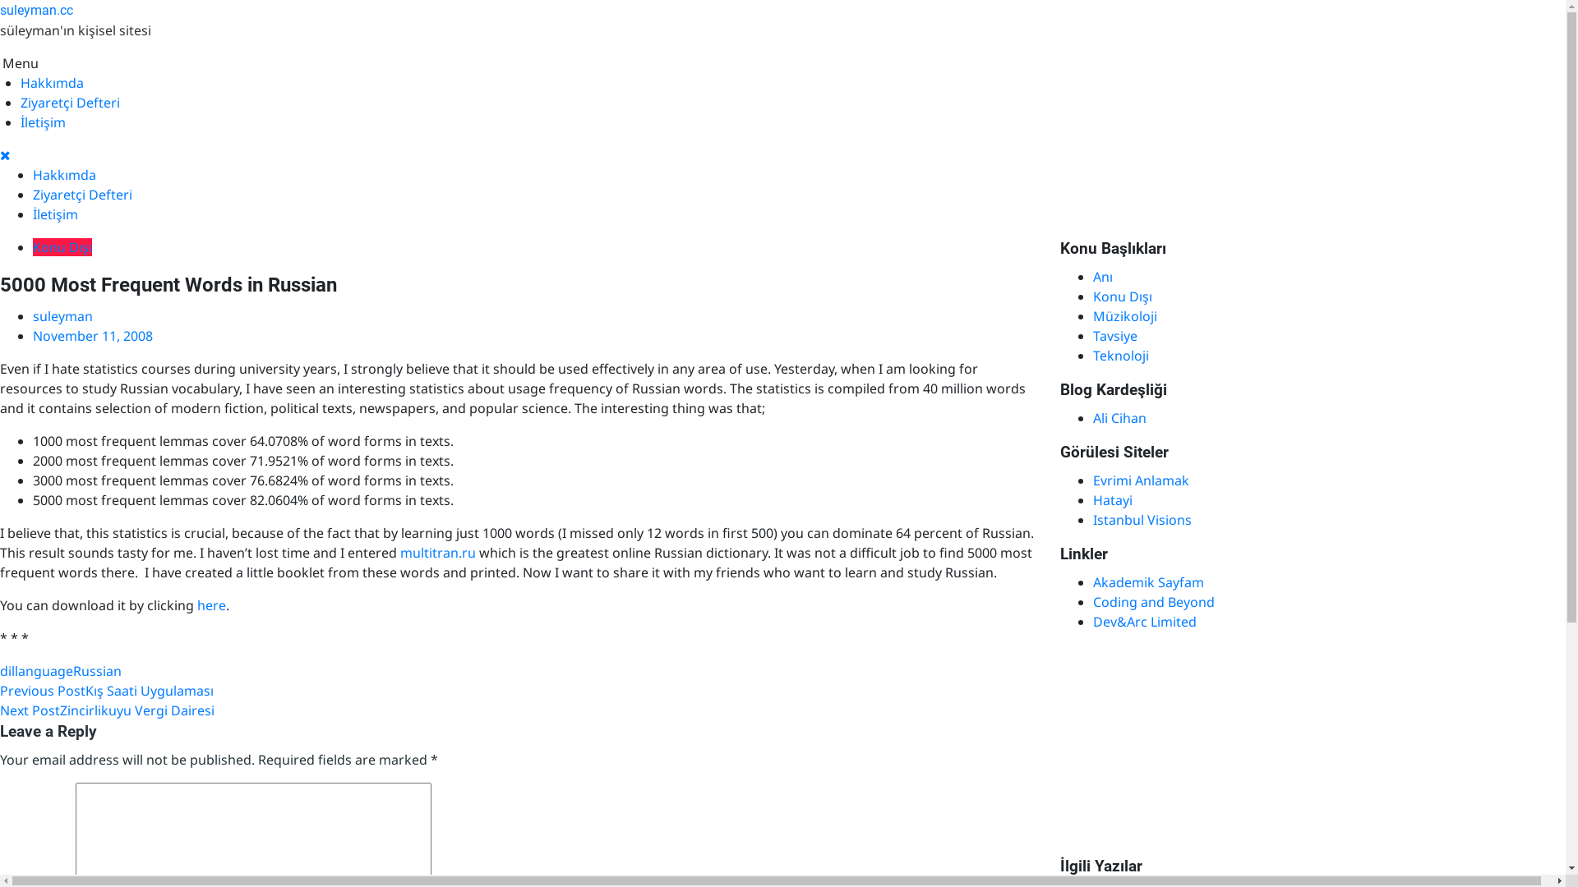 Image resolution: width=1578 pixels, height=887 pixels. Describe the element at coordinates (1115, 334) in the screenshot. I see `'Tavsiye'` at that location.